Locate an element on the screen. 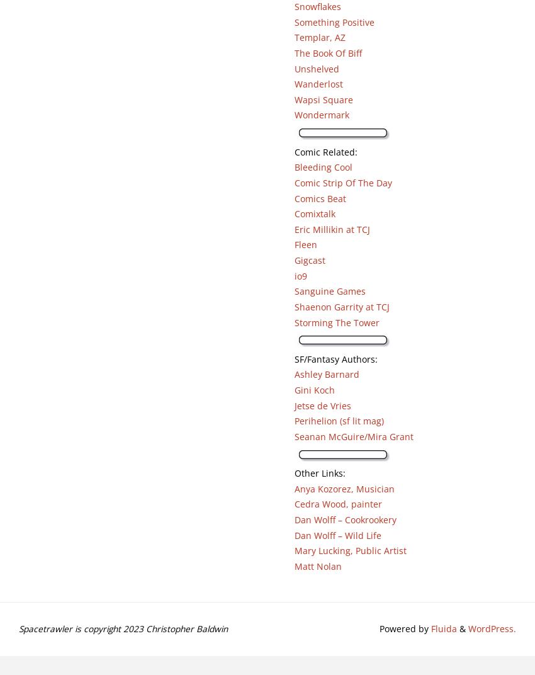 Image resolution: width=535 pixels, height=675 pixels. 'Wondermark' is located at coordinates (321, 114).